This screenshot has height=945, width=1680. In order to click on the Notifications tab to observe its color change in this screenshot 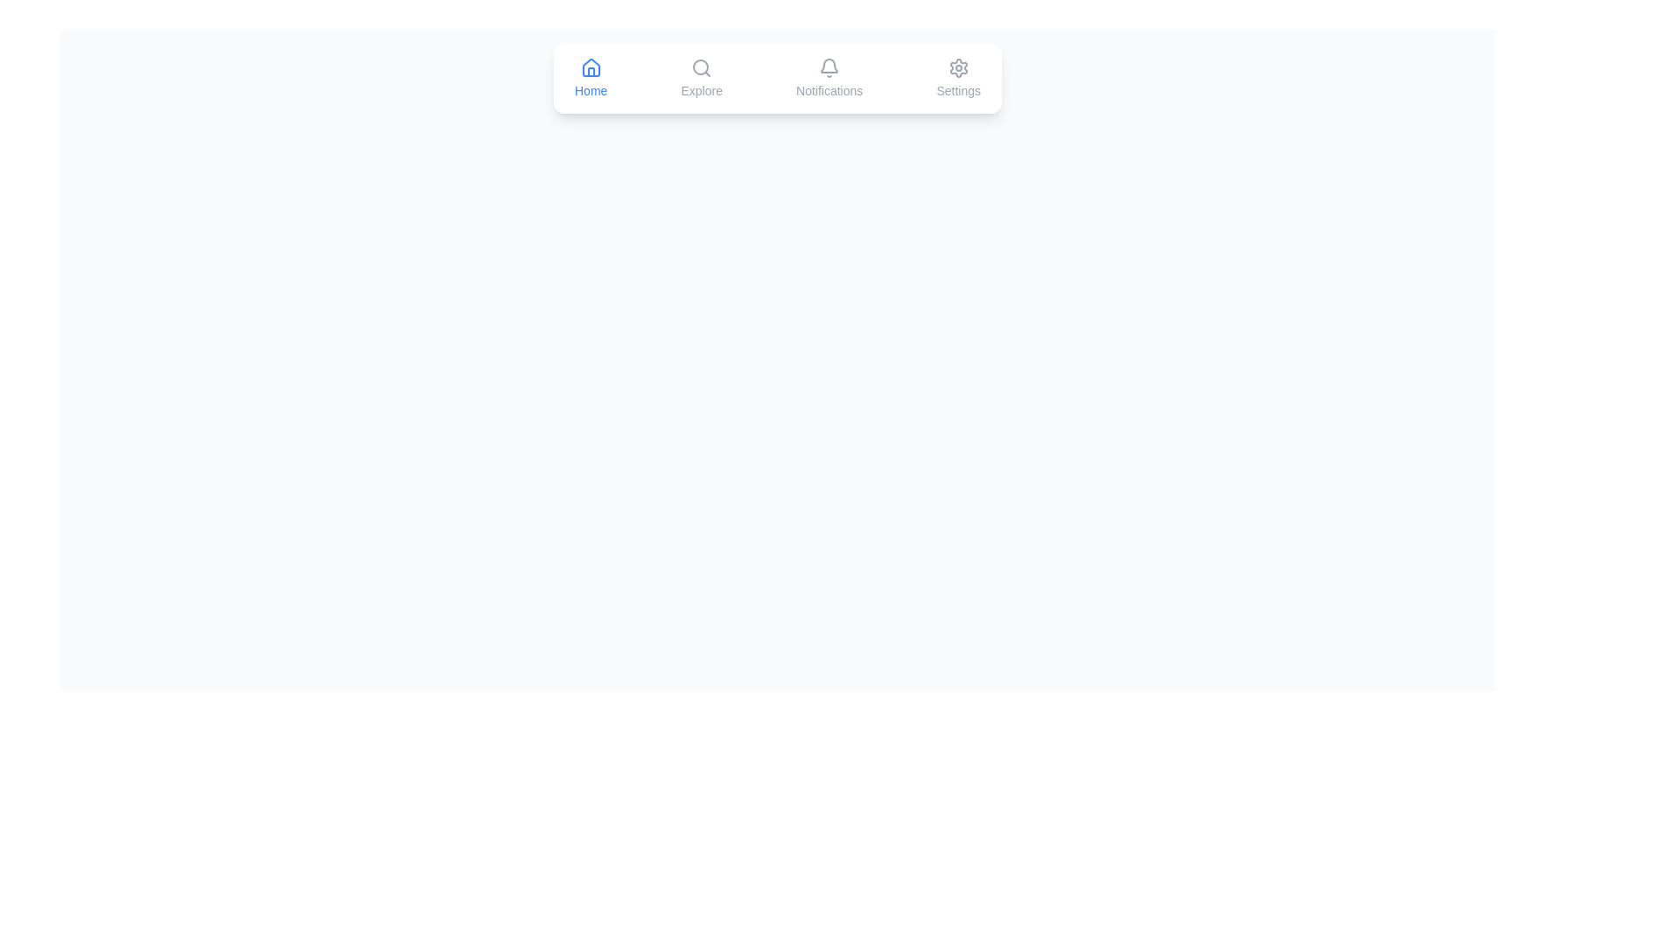, I will do `click(829, 77)`.